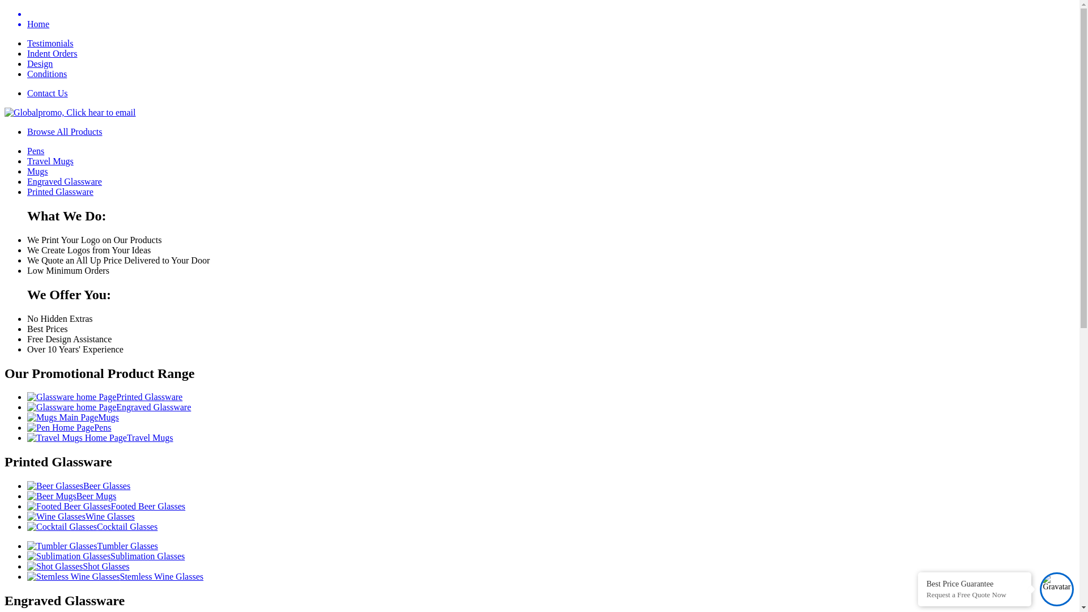 This screenshot has width=1088, height=612. I want to click on 'Footed Beer Glasses', so click(106, 505).